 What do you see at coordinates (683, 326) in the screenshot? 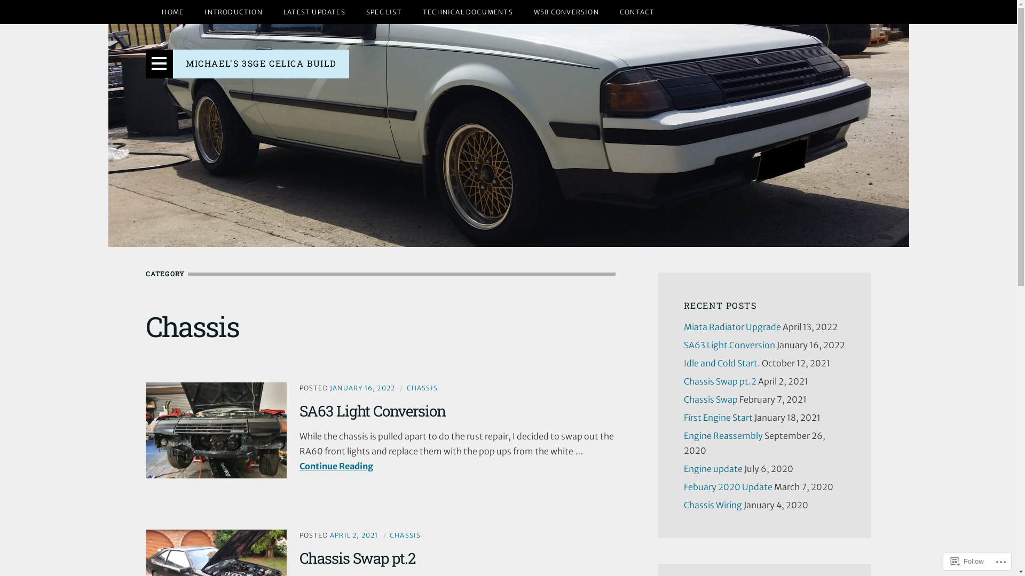
I see `'Miata Radiator Upgrade'` at bounding box center [683, 326].